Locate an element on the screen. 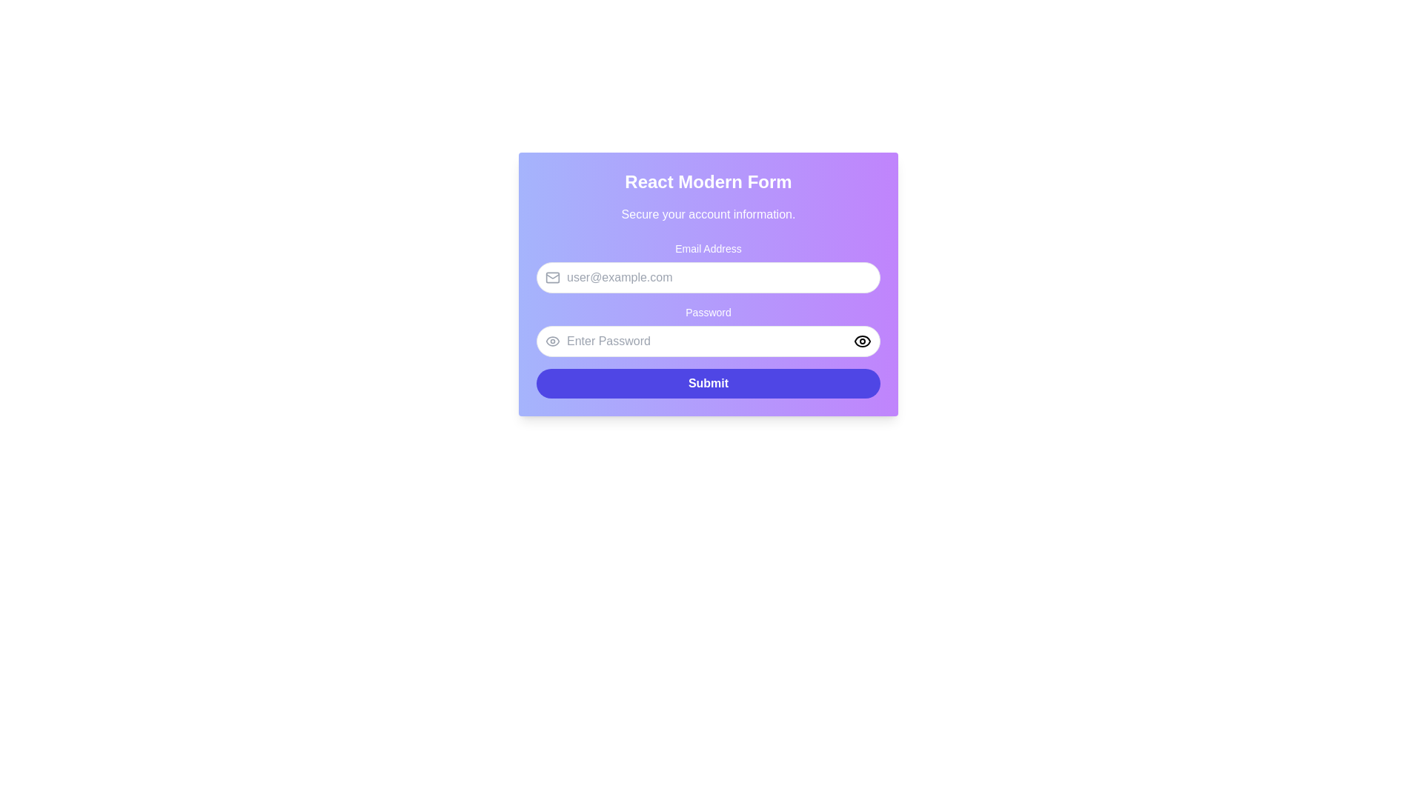  the 'Submit' button with bold font and indigo background at the bottom of the form is located at coordinates (707, 382).